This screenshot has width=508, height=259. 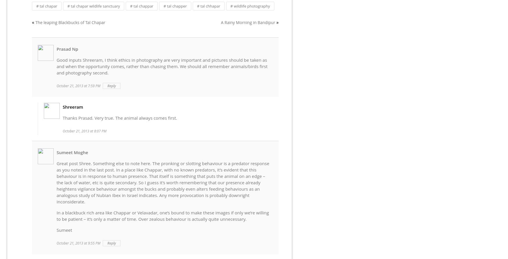 What do you see at coordinates (78, 85) in the screenshot?
I see `'October 21, 2013 at 7:59 PM'` at bounding box center [78, 85].